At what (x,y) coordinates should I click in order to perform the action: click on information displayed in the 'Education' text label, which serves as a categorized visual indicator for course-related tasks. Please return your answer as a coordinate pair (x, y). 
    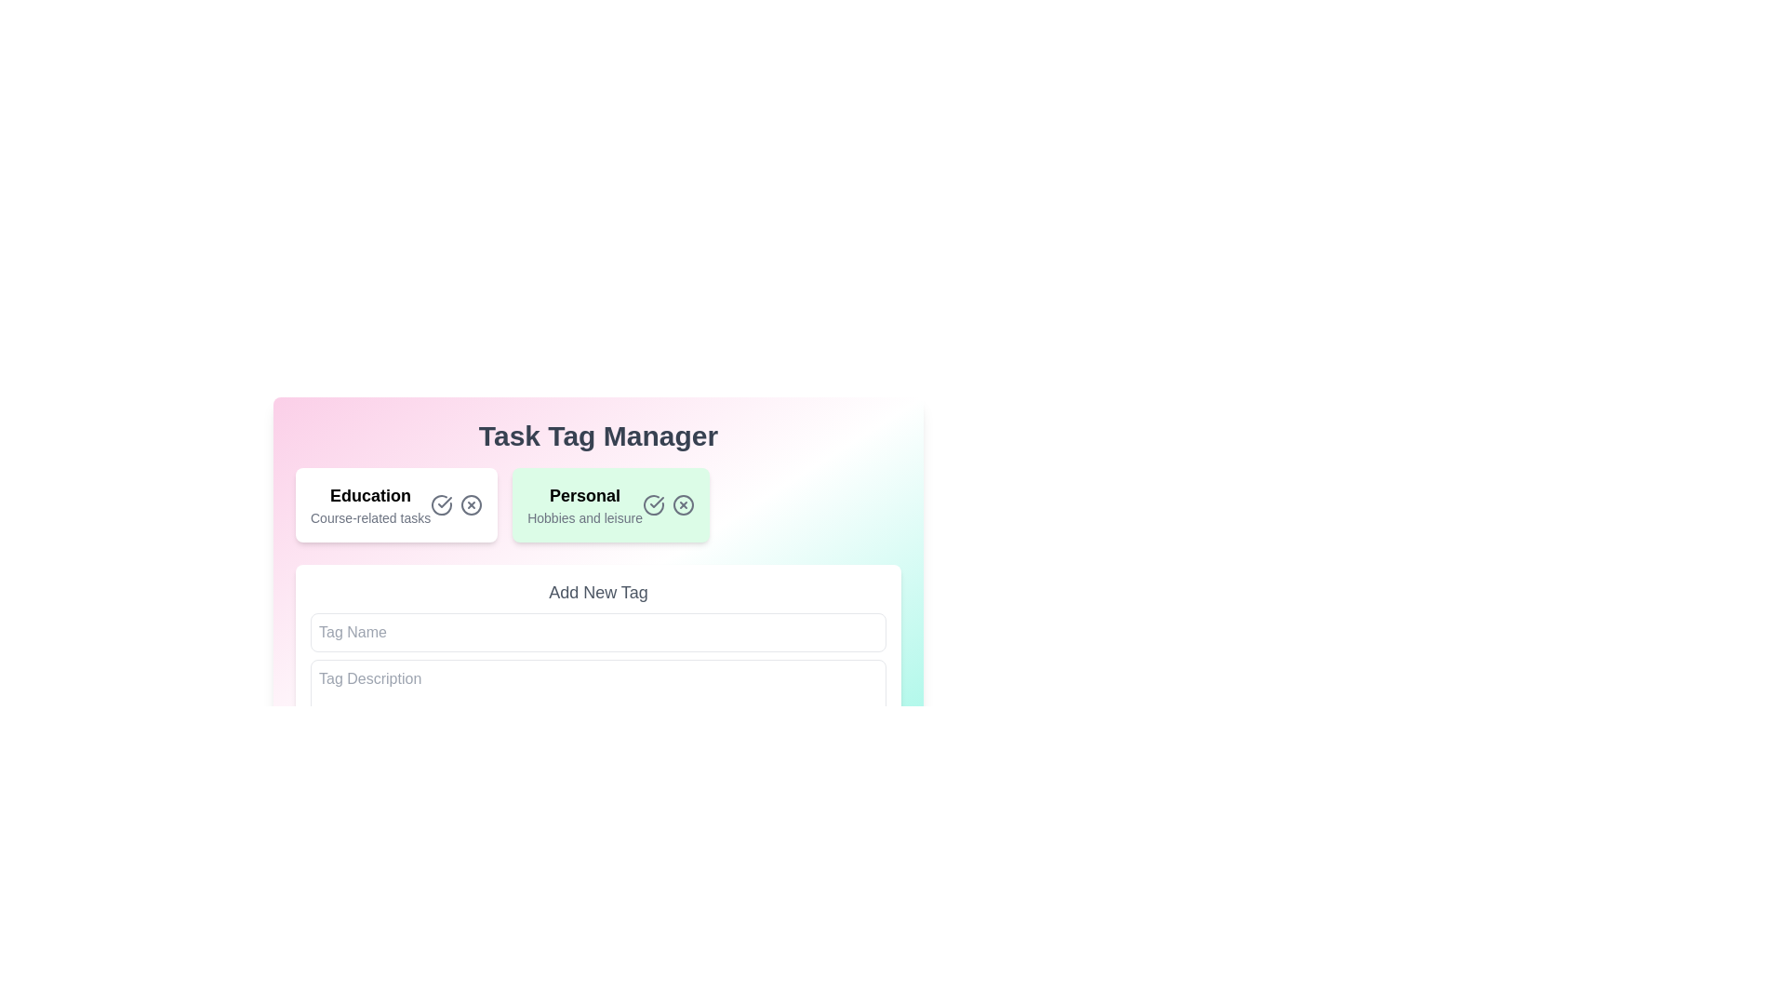
    Looking at the image, I should click on (370, 505).